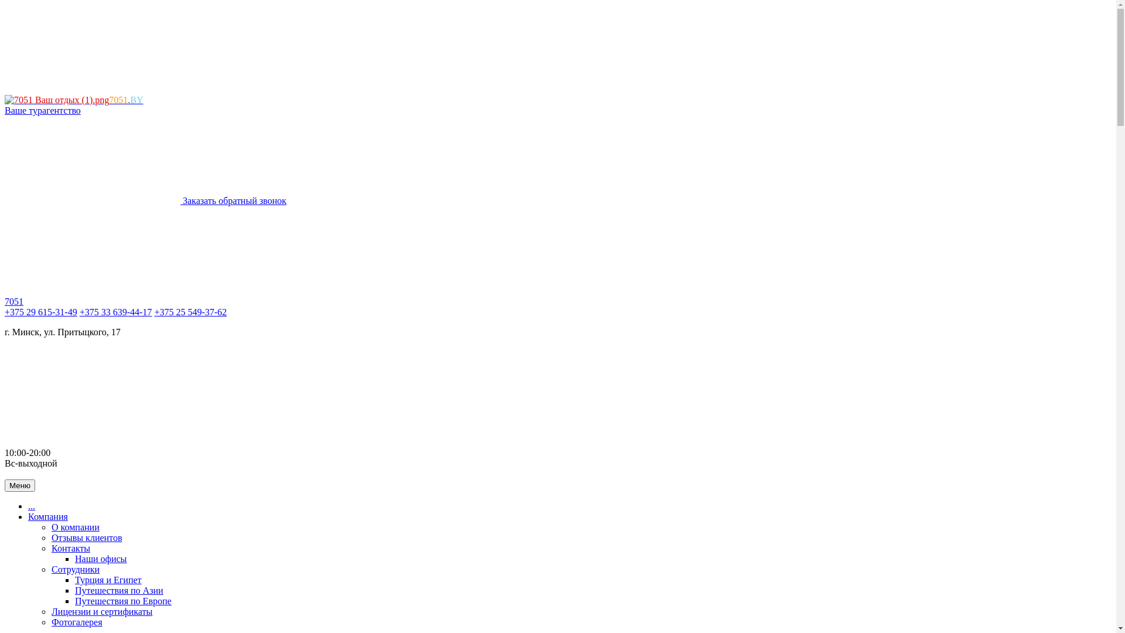  What do you see at coordinates (115, 311) in the screenshot?
I see `'+375 33 639-44-17'` at bounding box center [115, 311].